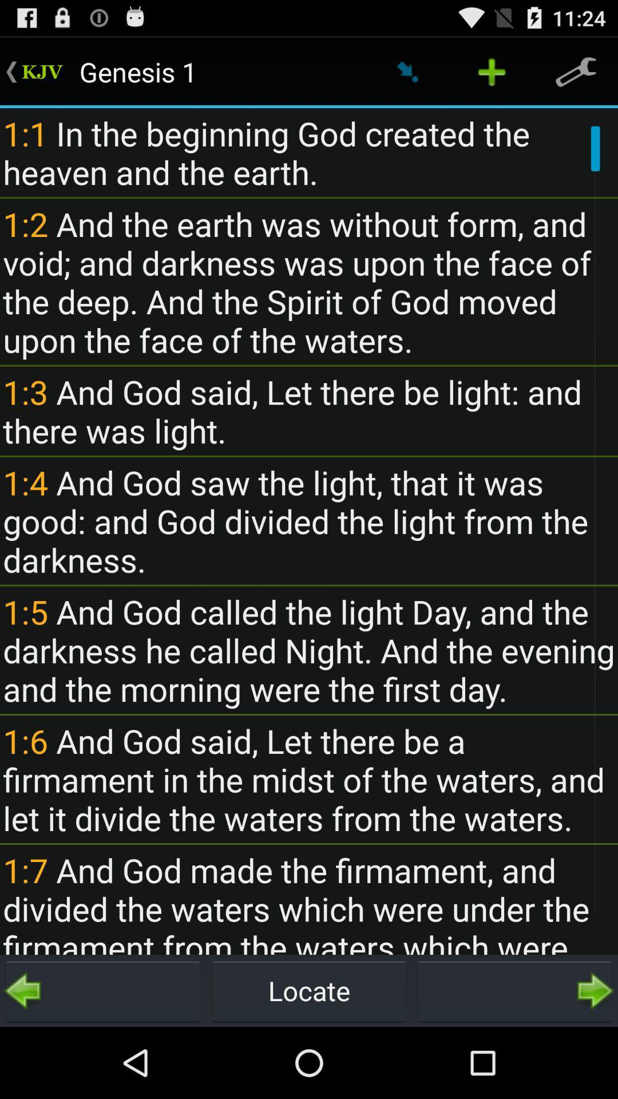 This screenshot has width=618, height=1099. I want to click on the locate option, so click(309, 990).